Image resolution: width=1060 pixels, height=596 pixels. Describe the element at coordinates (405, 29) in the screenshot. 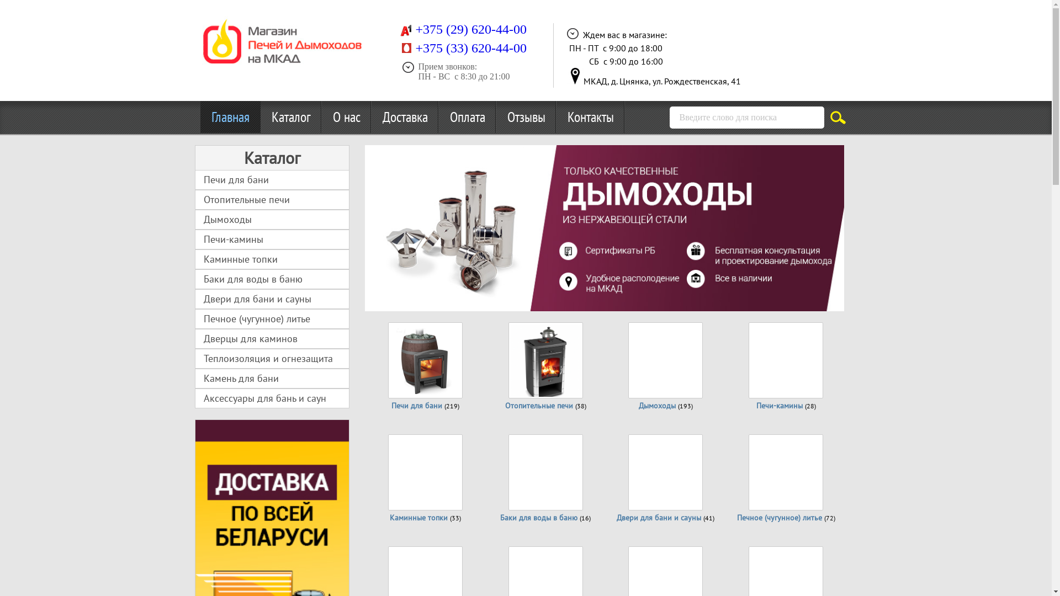

I see `'a1.png'` at that location.